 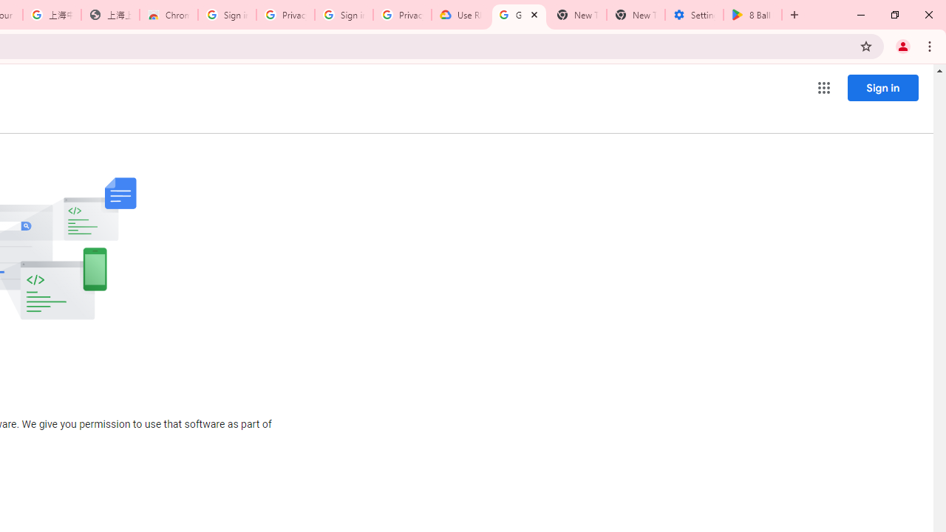 What do you see at coordinates (636, 15) in the screenshot?
I see `'New Tab'` at bounding box center [636, 15].